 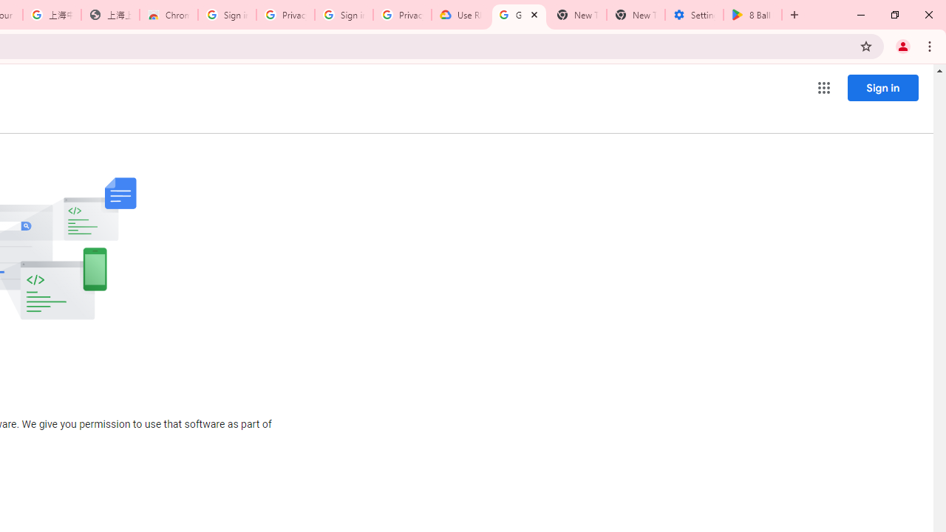 What do you see at coordinates (636, 15) in the screenshot?
I see `'New Tab'` at bounding box center [636, 15].